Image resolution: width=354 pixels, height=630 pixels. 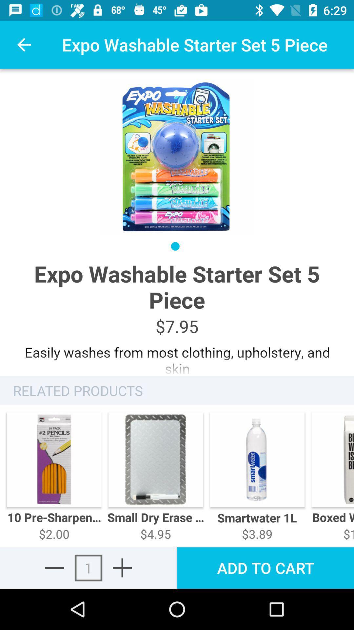 I want to click on button, so click(x=122, y=567).